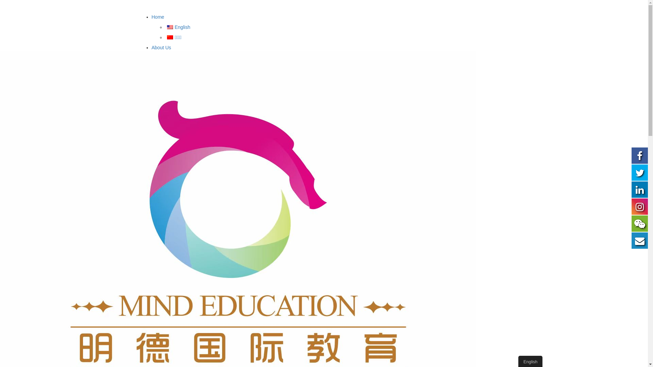 The height and width of the screenshot is (367, 653). Describe the element at coordinates (210, 283) in the screenshot. I see `'Meet-up Future Career Camp'` at that location.